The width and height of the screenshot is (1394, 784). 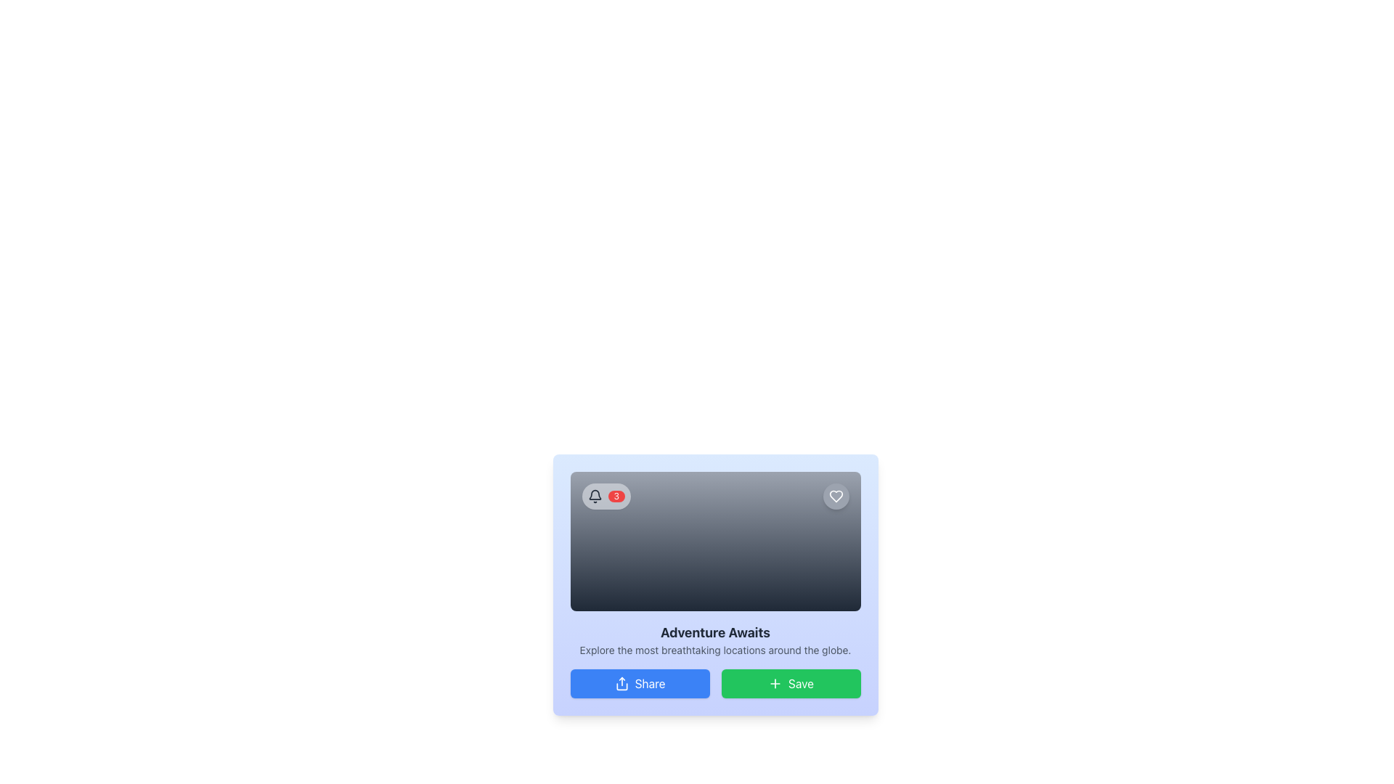 What do you see at coordinates (649, 683) in the screenshot?
I see `text label that identifies the 'Share' button, located within a blue button at the footer section of the interface, next to the 'Save' button` at bounding box center [649, 683].